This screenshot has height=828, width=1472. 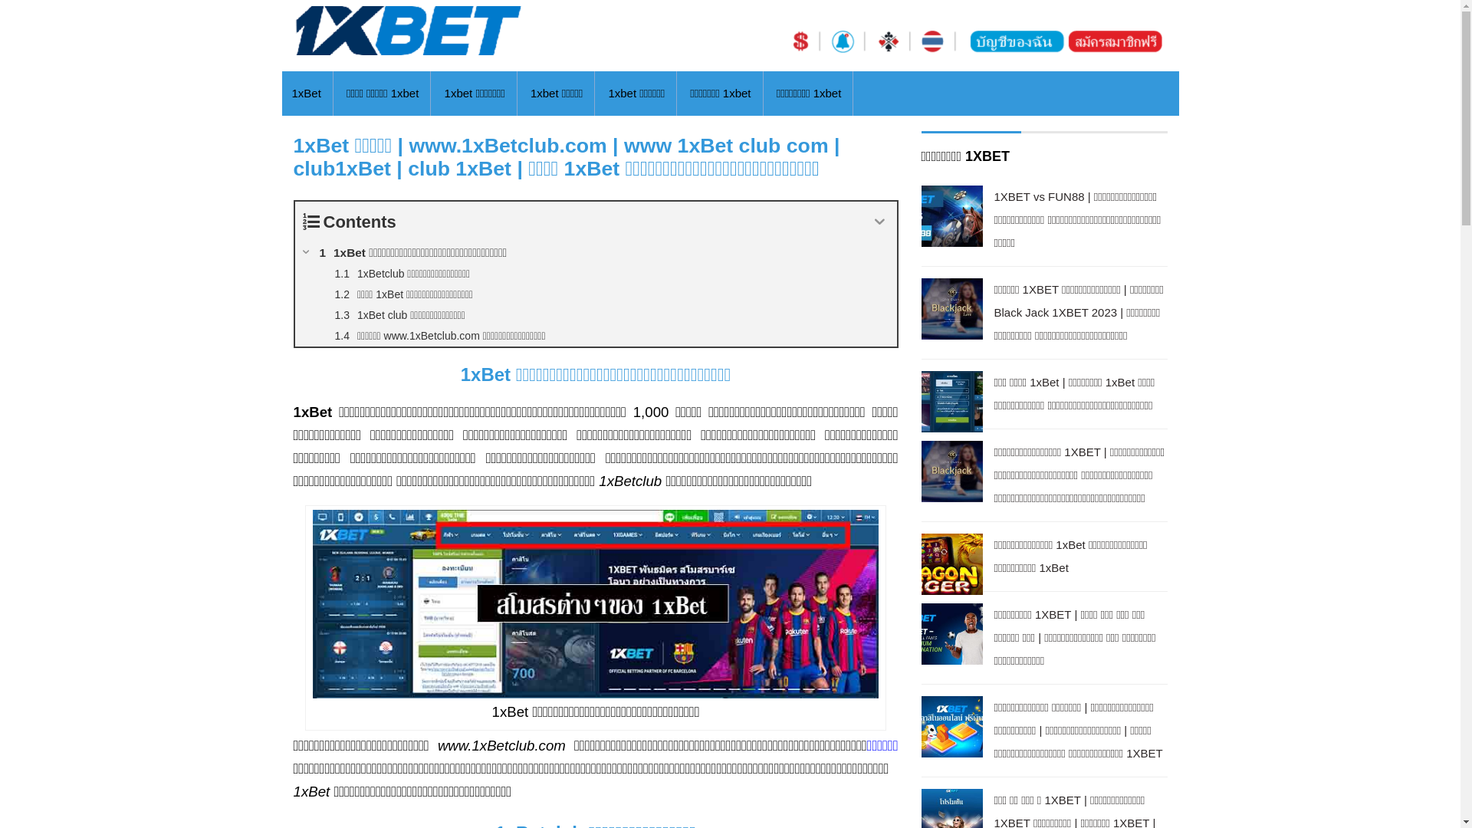 What do you see at coordinates (291, 94) in the screenshot?
I see `'1xBet'` at bounding box center [291, 94].